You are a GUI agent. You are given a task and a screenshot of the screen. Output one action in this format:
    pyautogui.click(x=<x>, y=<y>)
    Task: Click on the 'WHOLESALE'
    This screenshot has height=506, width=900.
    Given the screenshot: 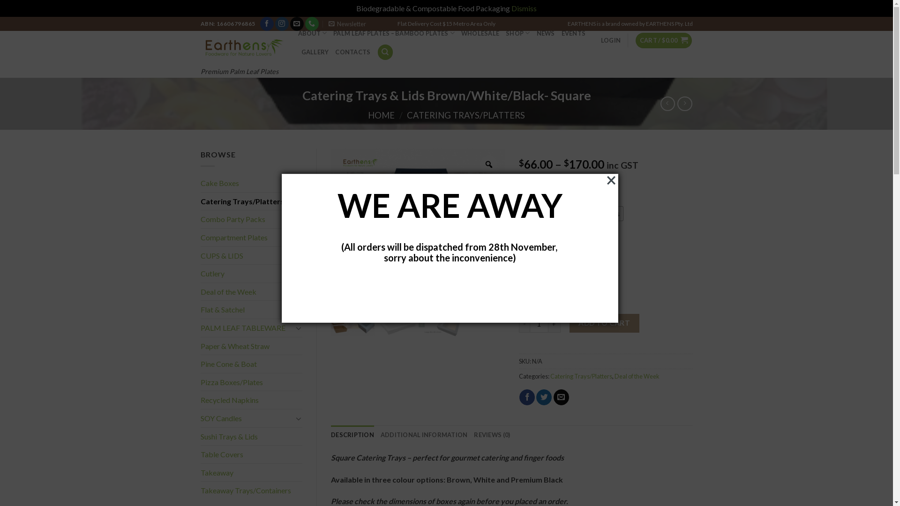 What is the action you would take?
    pyautogui.click(x=461, y=32)
    